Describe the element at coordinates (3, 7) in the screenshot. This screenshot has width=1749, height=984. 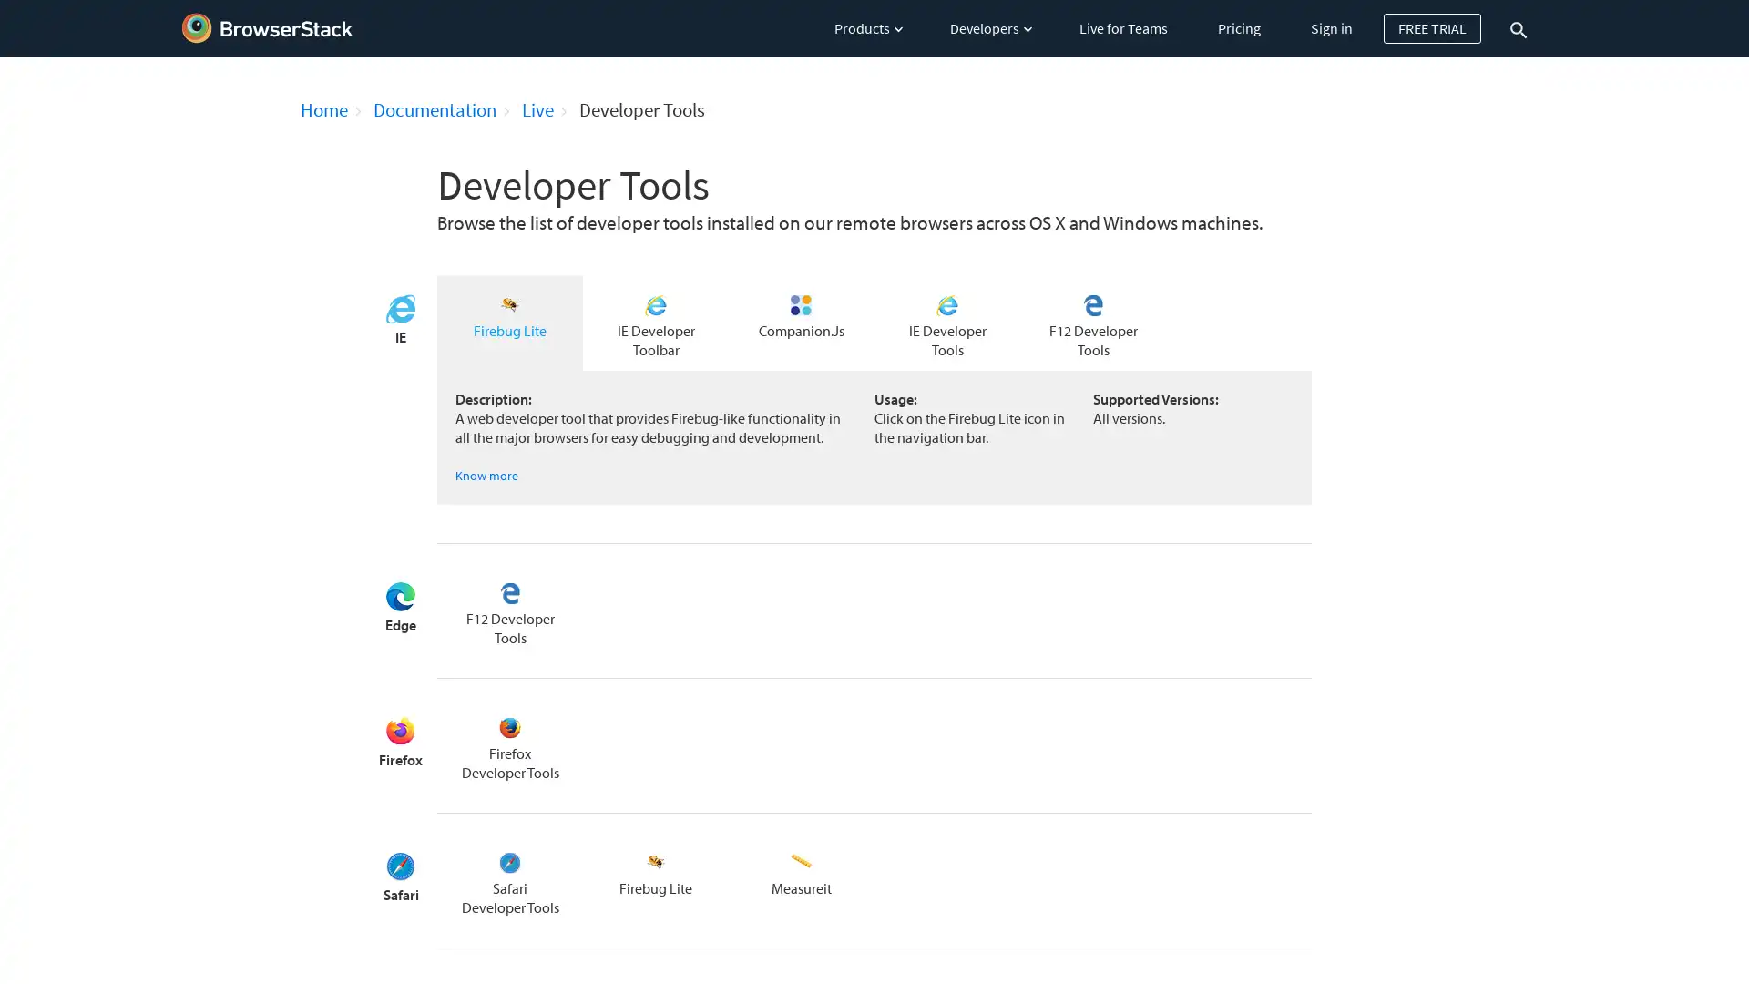
I see `Skip to main content` at that location.